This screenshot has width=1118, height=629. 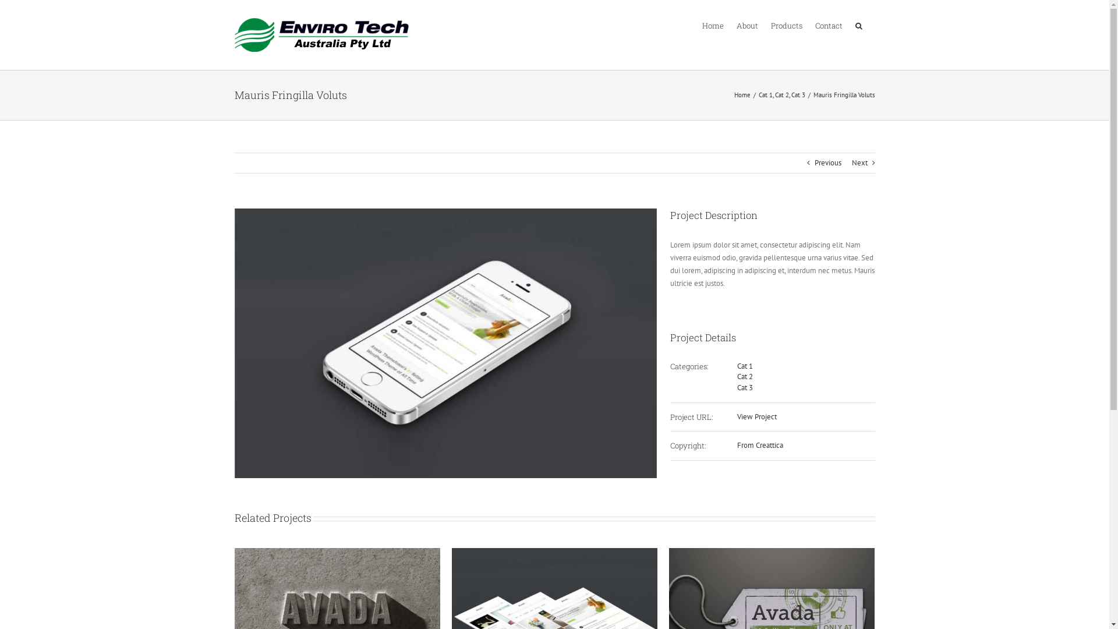 What do you see at coordinates (757, 416) in the screenshot?
I see `'View Project'` at bounding box center [757, 416].